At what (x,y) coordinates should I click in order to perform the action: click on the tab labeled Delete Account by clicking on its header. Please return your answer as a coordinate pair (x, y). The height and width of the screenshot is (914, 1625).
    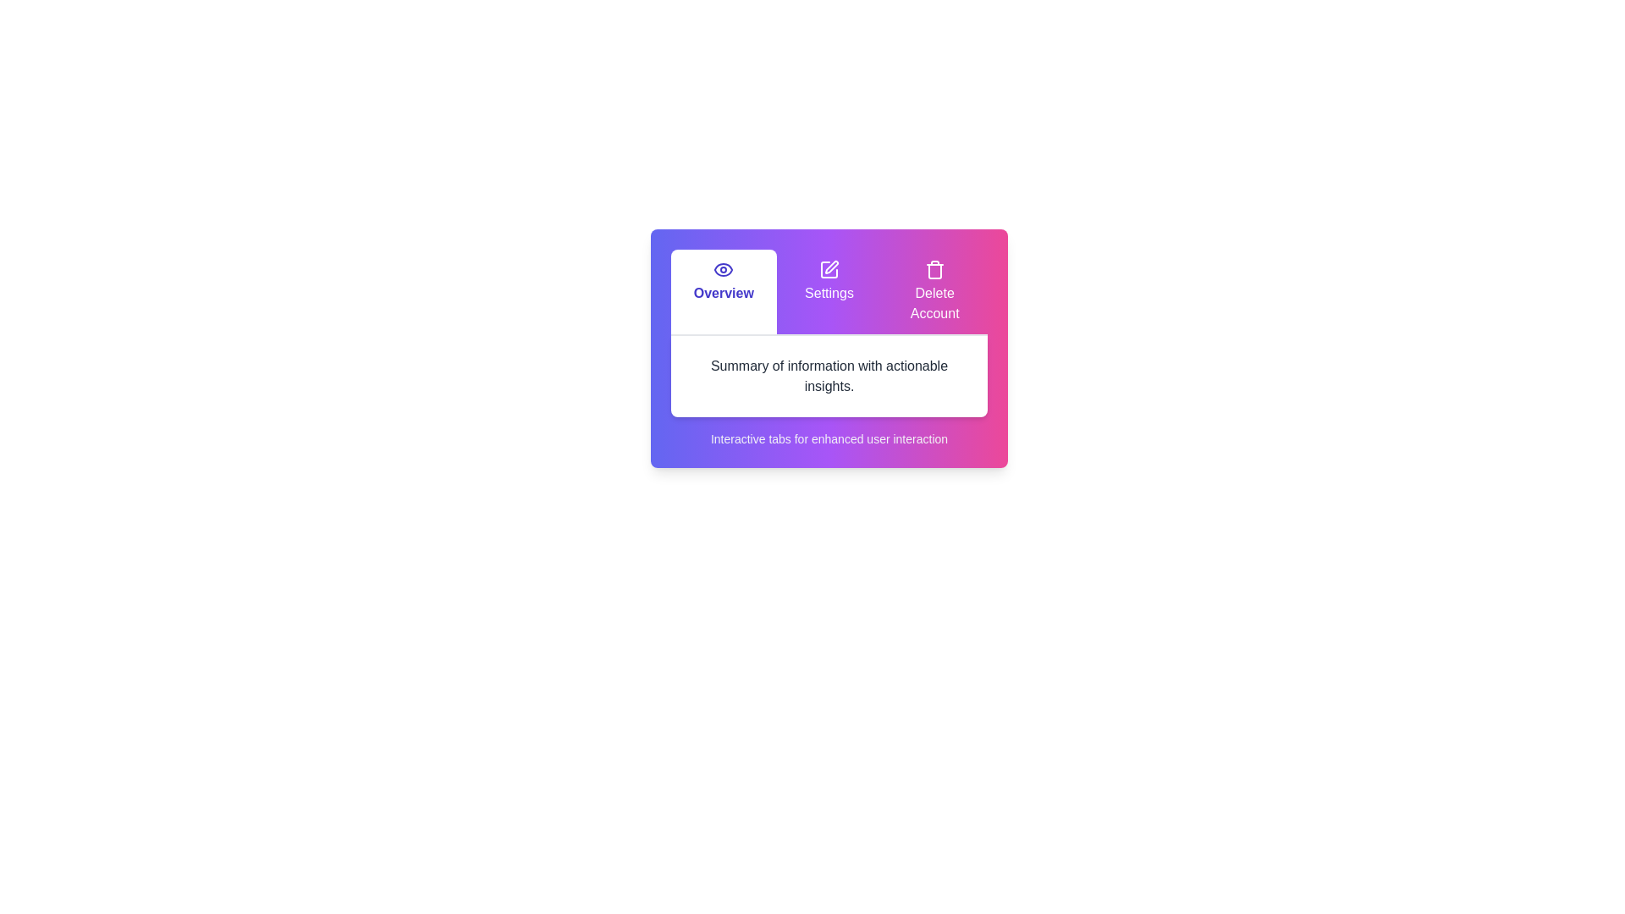
    Looking at the image, I should click on (934, 290).